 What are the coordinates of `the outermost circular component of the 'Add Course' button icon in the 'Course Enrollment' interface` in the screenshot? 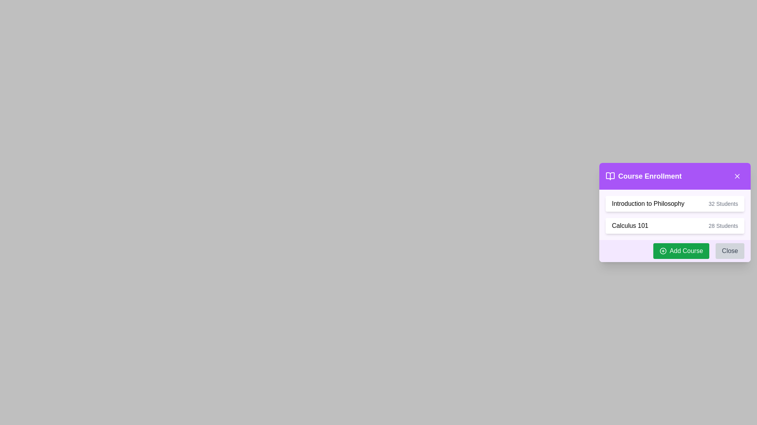 It's located at (662, 251).